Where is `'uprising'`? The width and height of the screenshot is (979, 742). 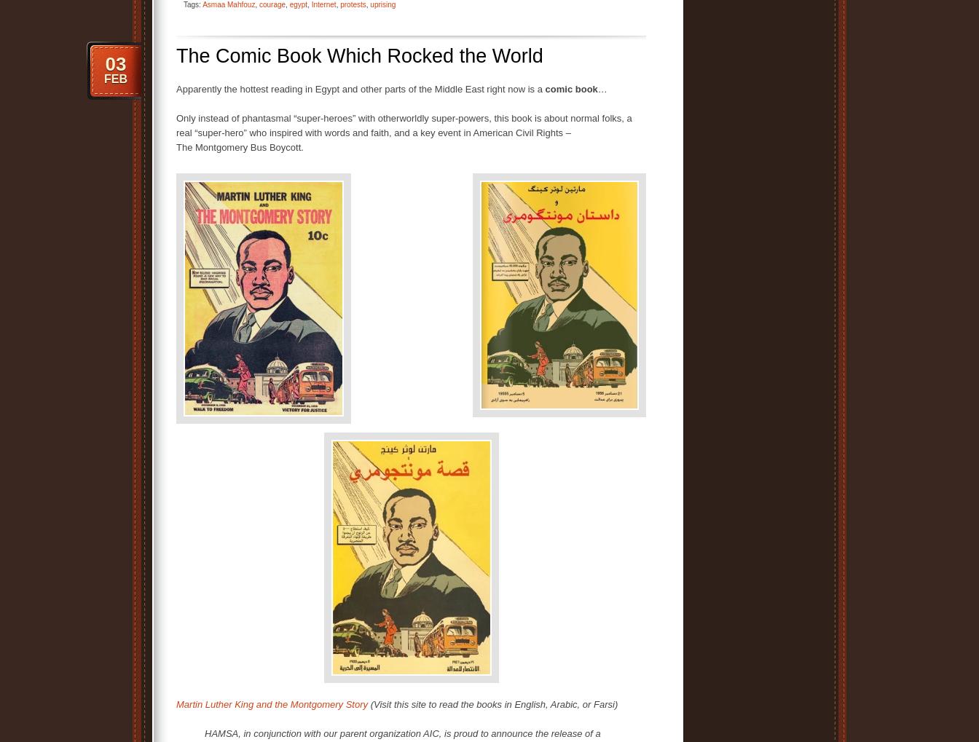
'uprising' is located at coordinates (370, 4).